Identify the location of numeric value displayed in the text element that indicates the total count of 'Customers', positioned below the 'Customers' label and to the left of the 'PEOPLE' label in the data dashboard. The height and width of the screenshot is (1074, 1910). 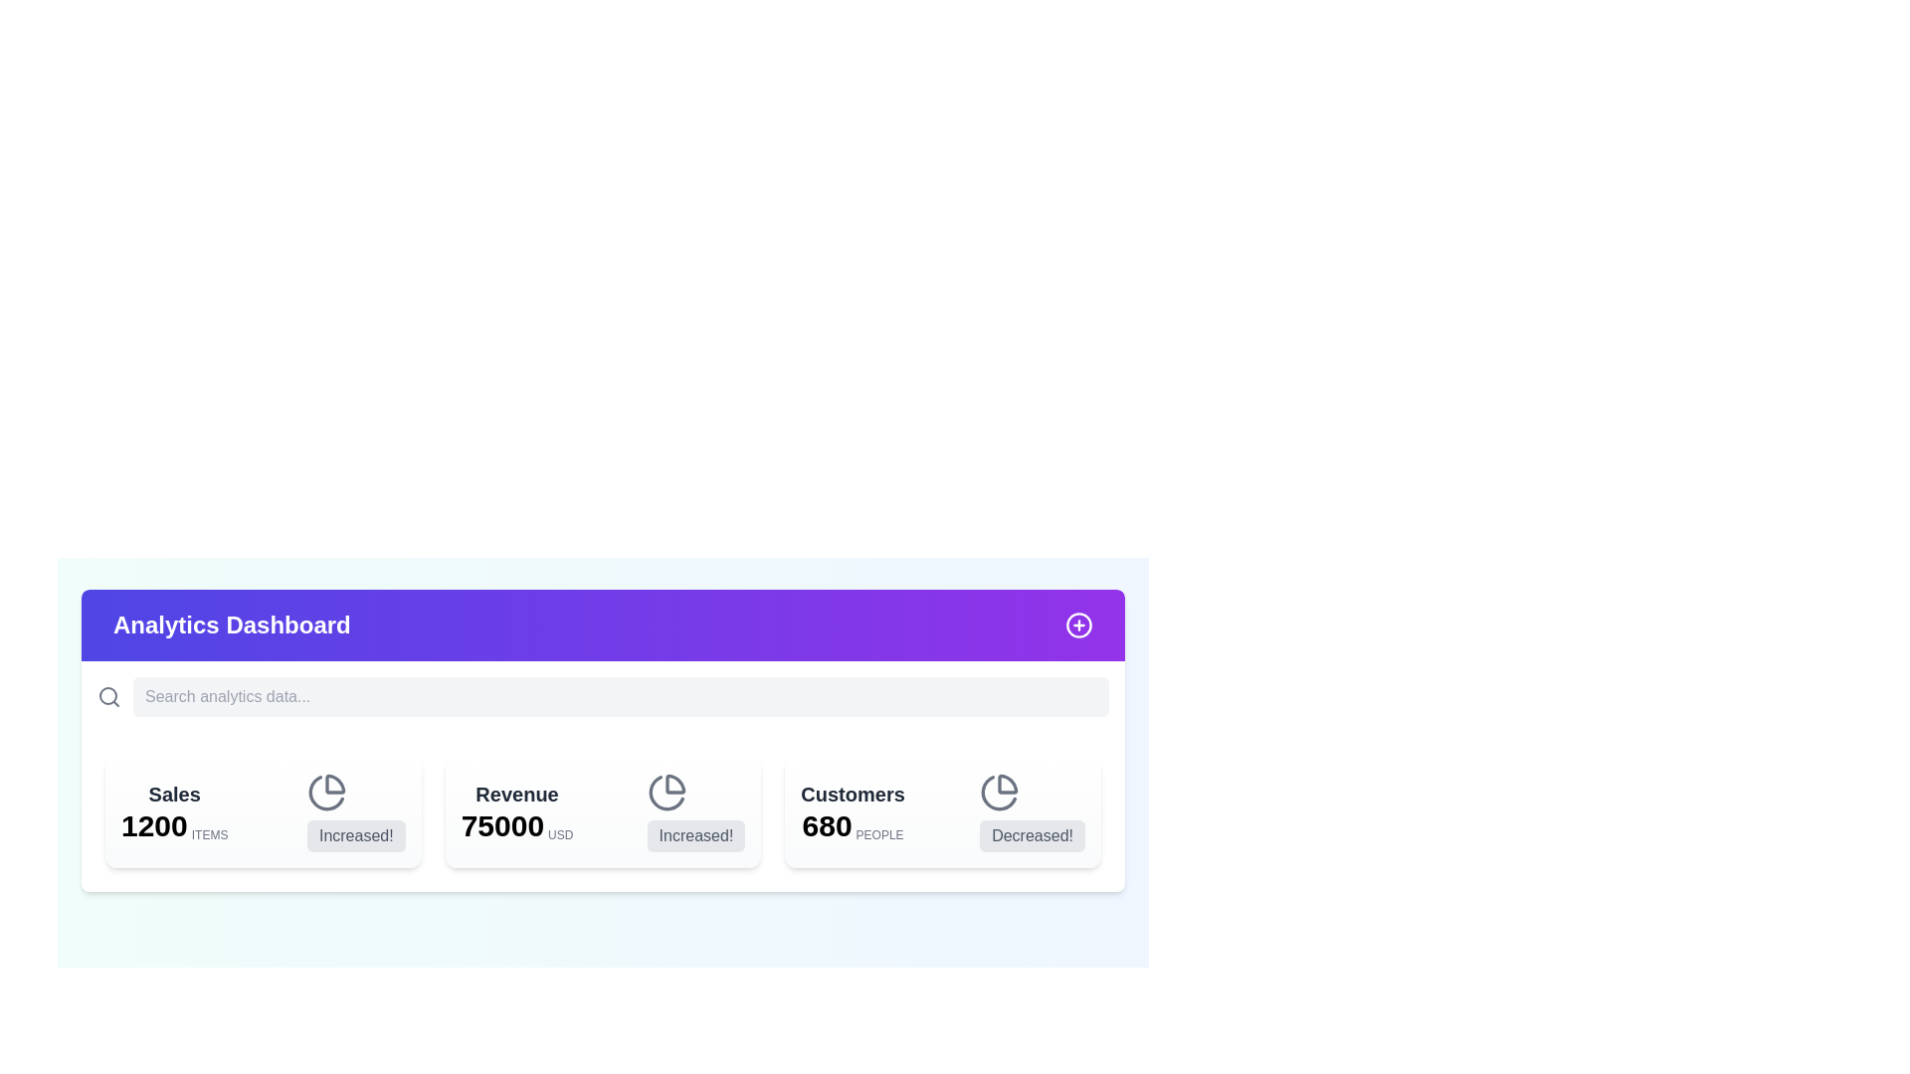
(827, 825).